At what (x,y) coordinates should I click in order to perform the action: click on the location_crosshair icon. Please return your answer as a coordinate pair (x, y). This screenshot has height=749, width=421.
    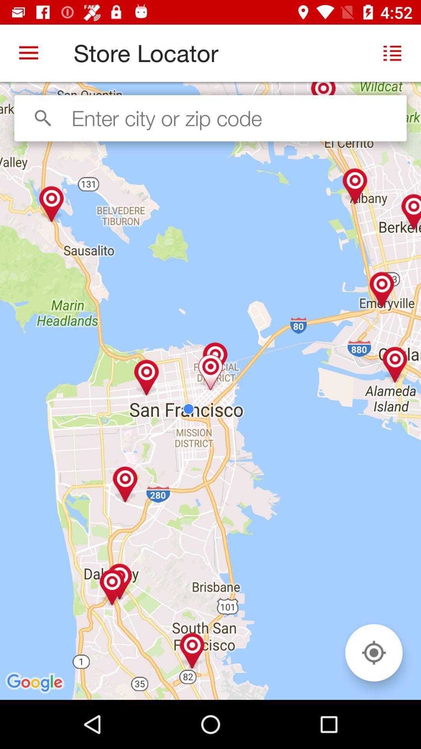
    Looking at the image, I should click on (373, 653).